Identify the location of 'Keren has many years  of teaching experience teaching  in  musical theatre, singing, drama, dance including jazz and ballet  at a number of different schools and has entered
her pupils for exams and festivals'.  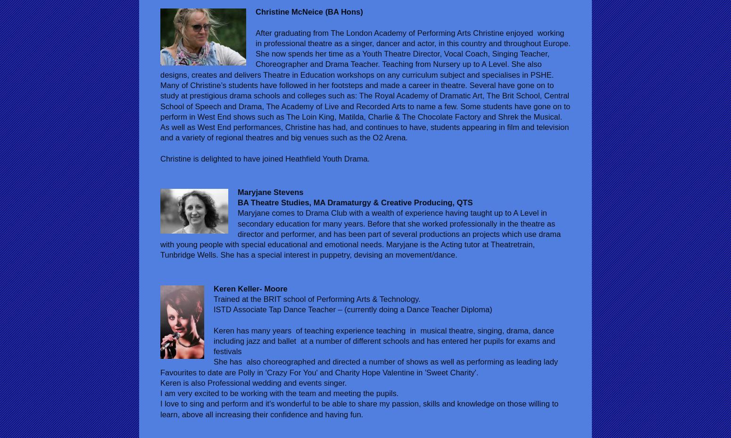
(383, 341).